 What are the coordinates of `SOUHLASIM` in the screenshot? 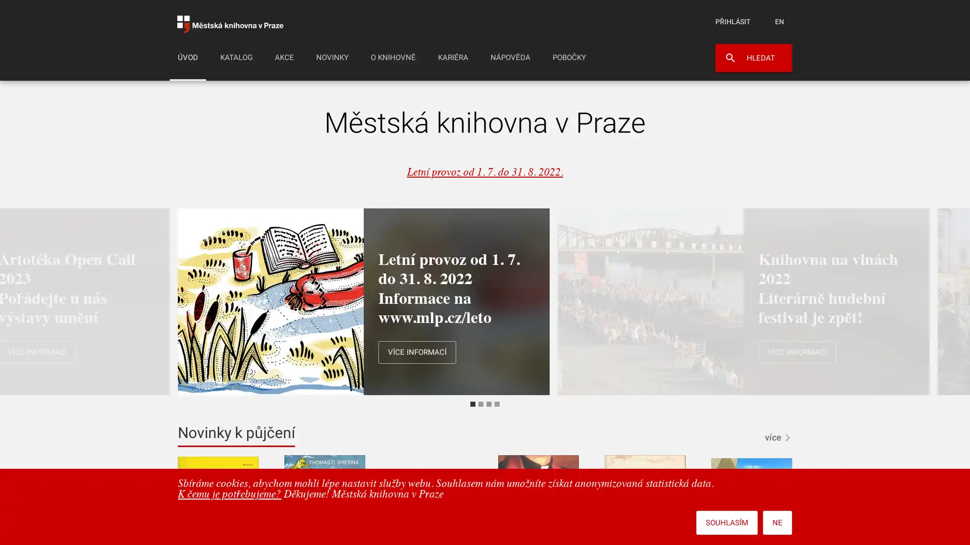 It's located at (726, 522).